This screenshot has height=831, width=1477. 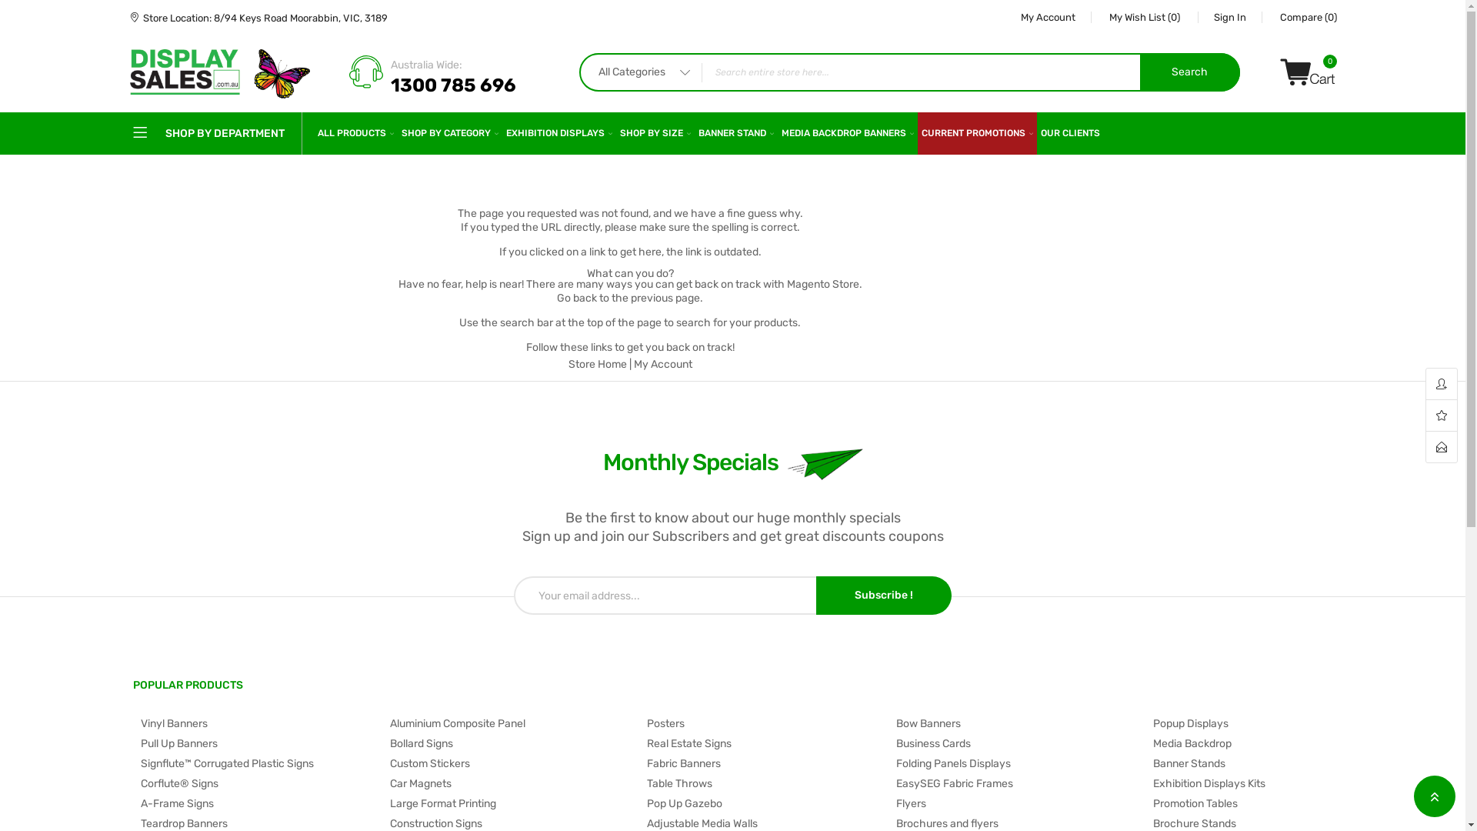 What do you see at coordinates (975, 132) in the screenshot?
I see `'CURRENT PROMOTIONS'` at bounding box center [975, 132].